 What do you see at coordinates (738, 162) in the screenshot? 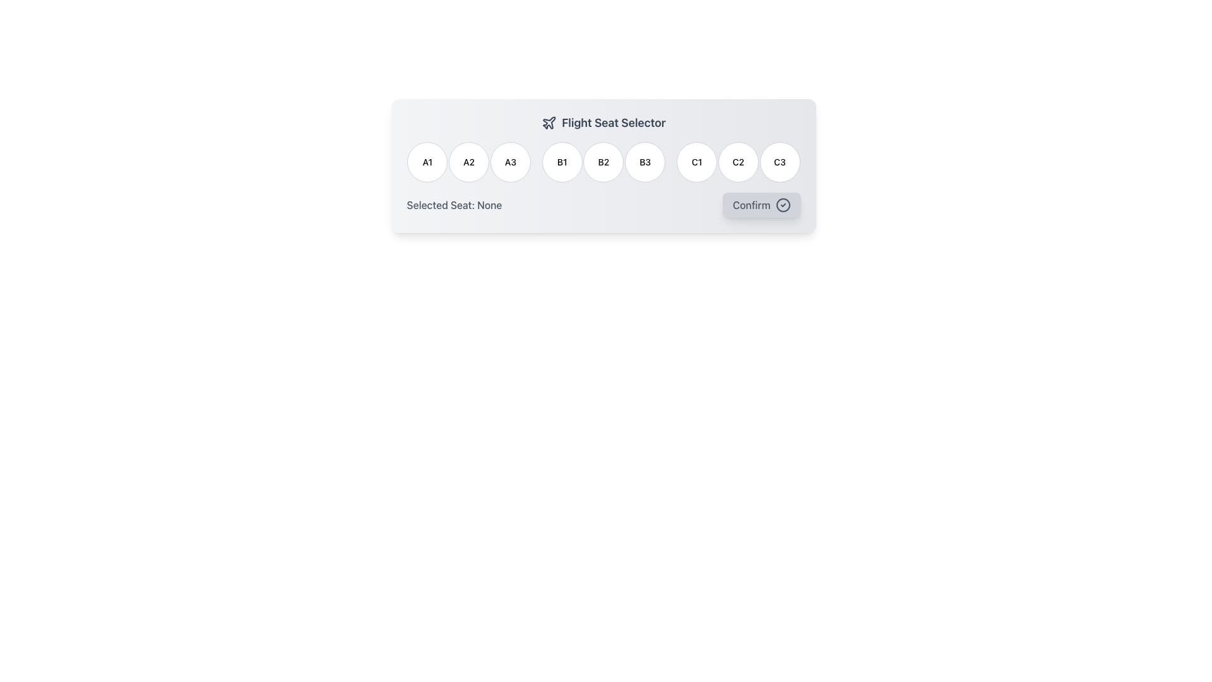
I see `the circular button labeled 'C2'` at bounding box center [738, 162].